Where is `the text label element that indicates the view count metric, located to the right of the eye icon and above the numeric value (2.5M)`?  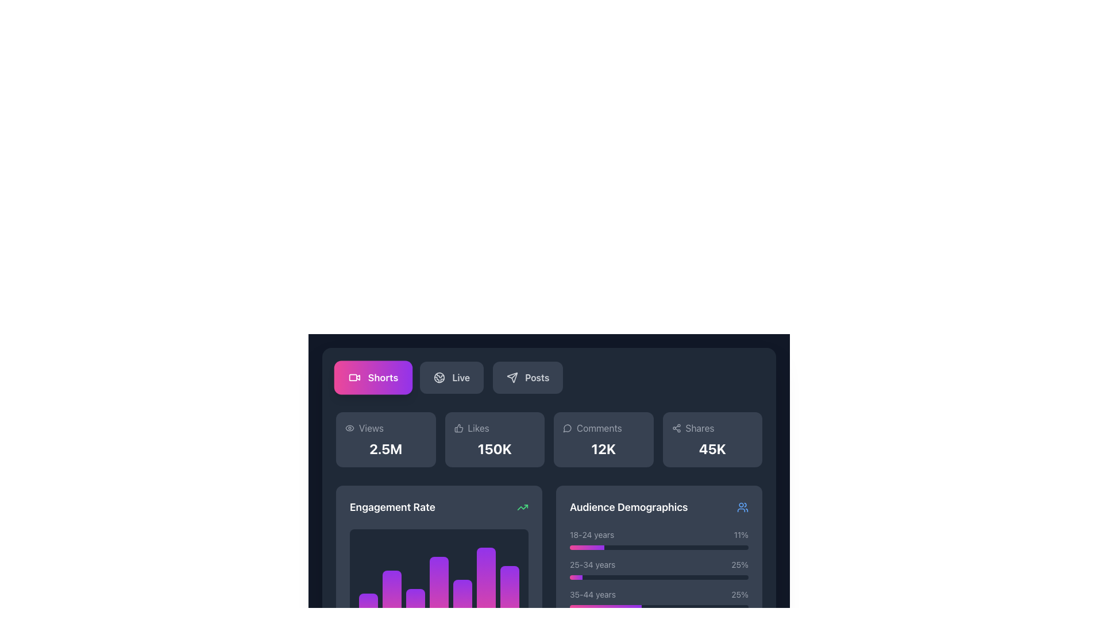
the text label element that indicates the view count metric, located to the right of the eye icon and above the numeric value (2.5M) is located at coordinates (371, 428).